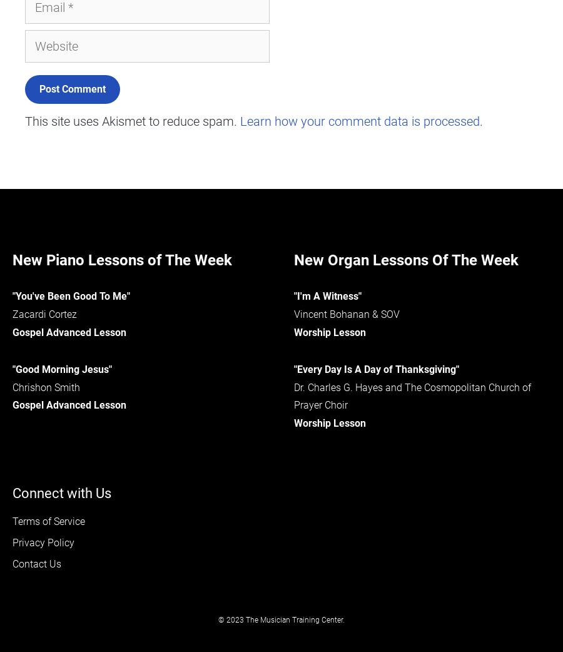 This screenshot has height=652, width=563. I want to click on '"You've Been Good To Me"', so click(71, 296).